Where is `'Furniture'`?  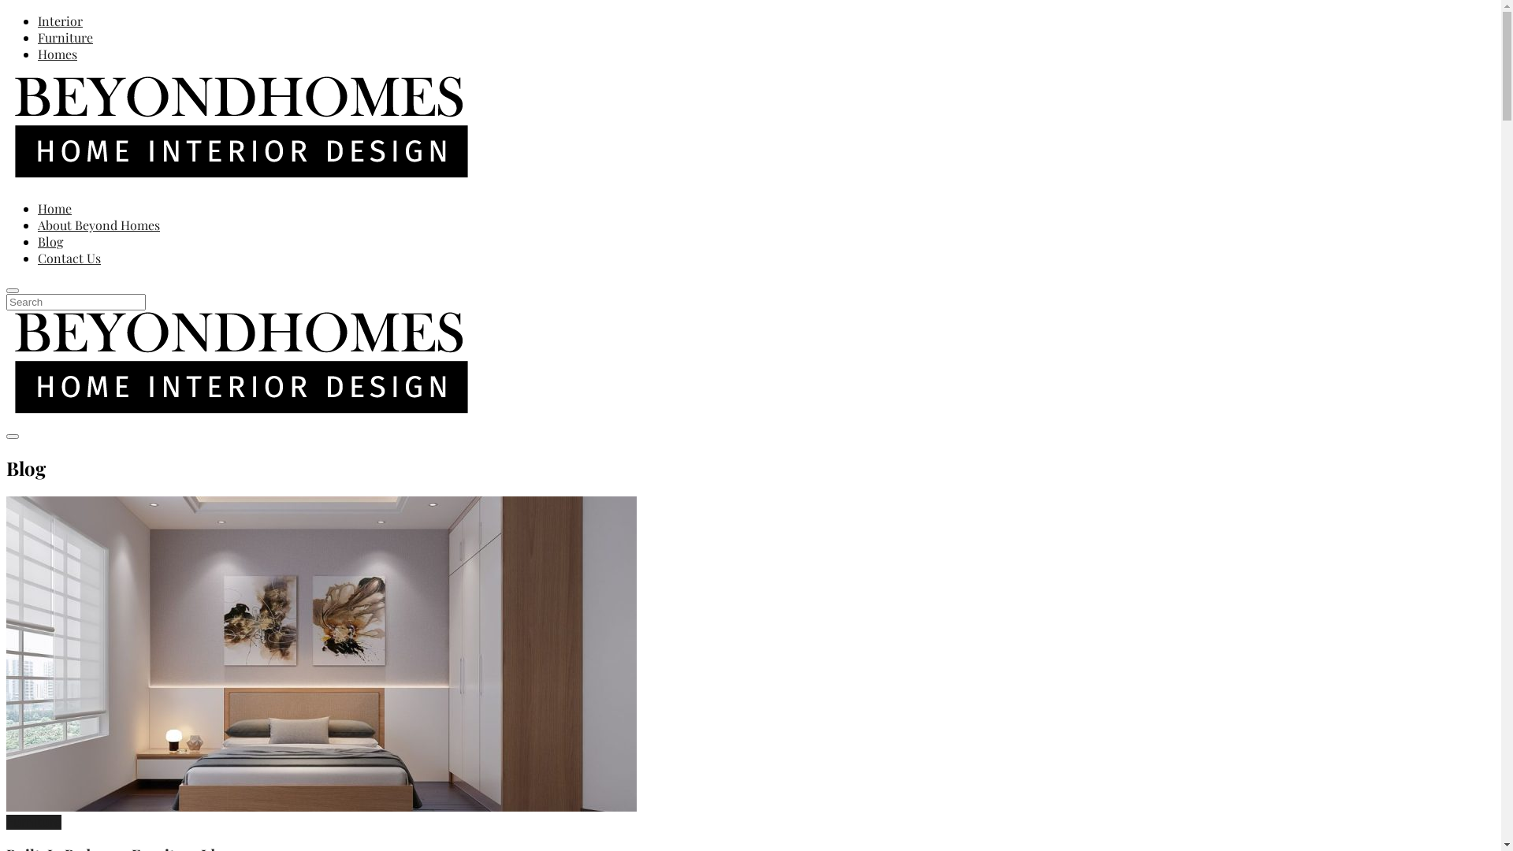 'Furniture' is located at coordinates (34, 821).